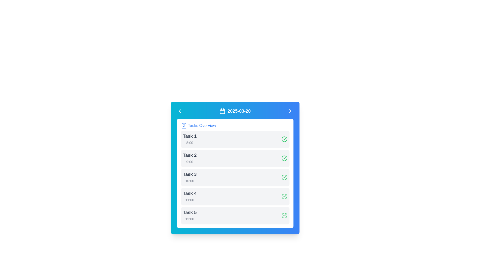 The image size is (482, 271). Describe the element at coordinates (284, 177) in the screenshot. I see `the green circular checkmark icon associated with 'Task 3' in the task list` at that location.